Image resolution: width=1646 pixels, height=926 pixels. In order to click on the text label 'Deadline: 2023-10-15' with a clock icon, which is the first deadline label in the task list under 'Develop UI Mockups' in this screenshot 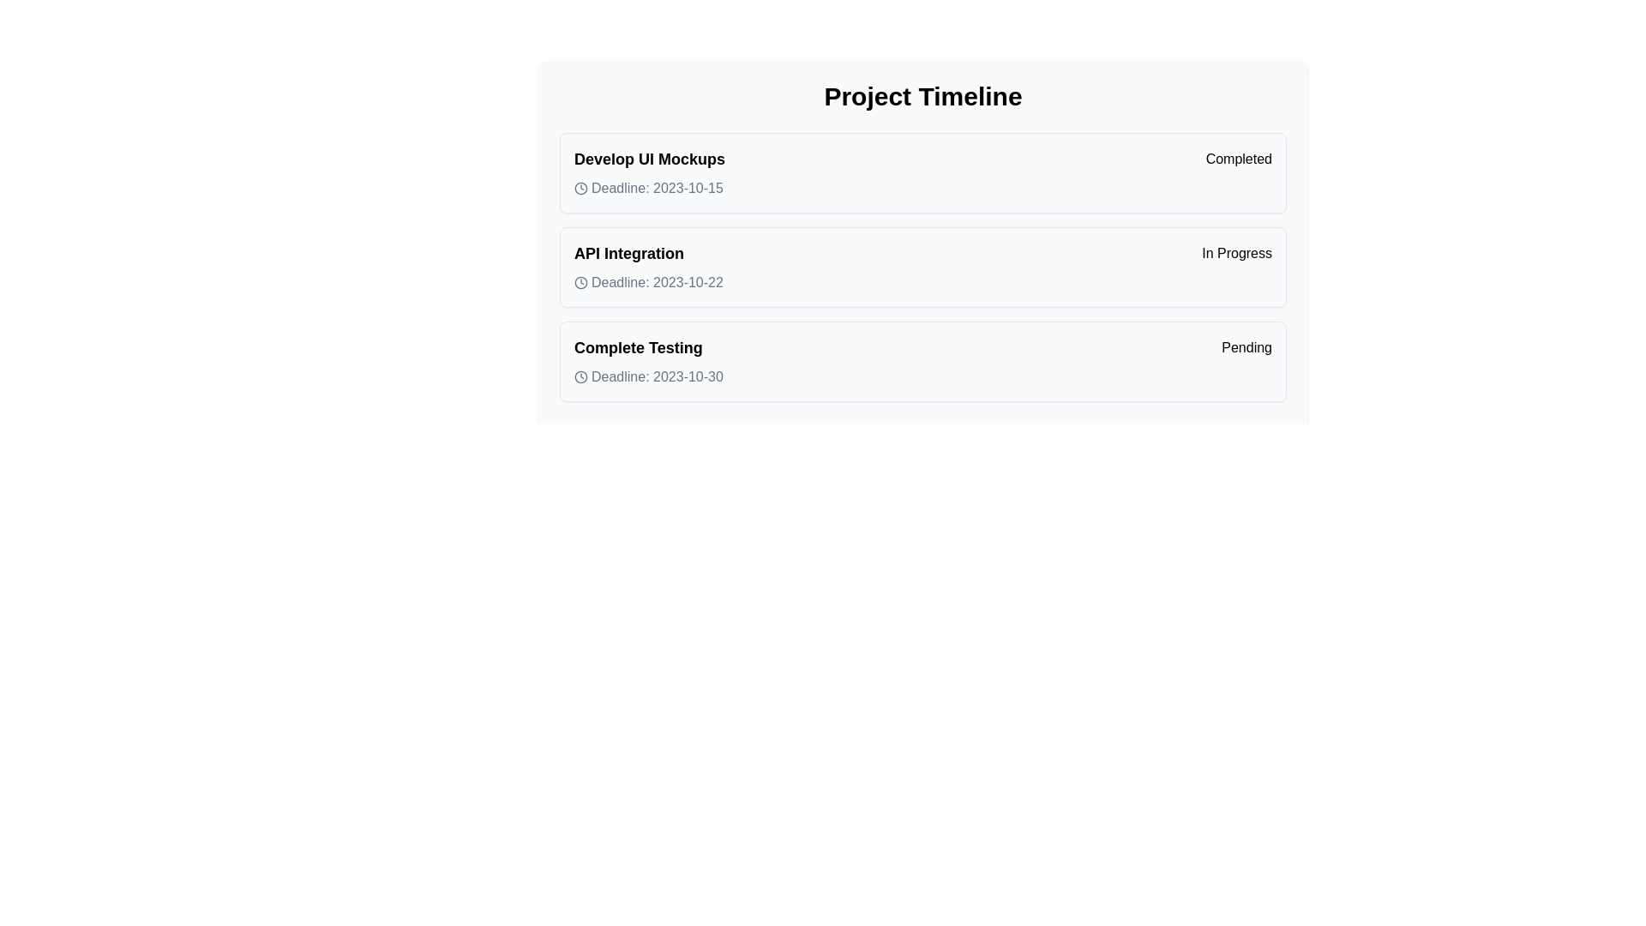, I will do `click(647, 188)`.